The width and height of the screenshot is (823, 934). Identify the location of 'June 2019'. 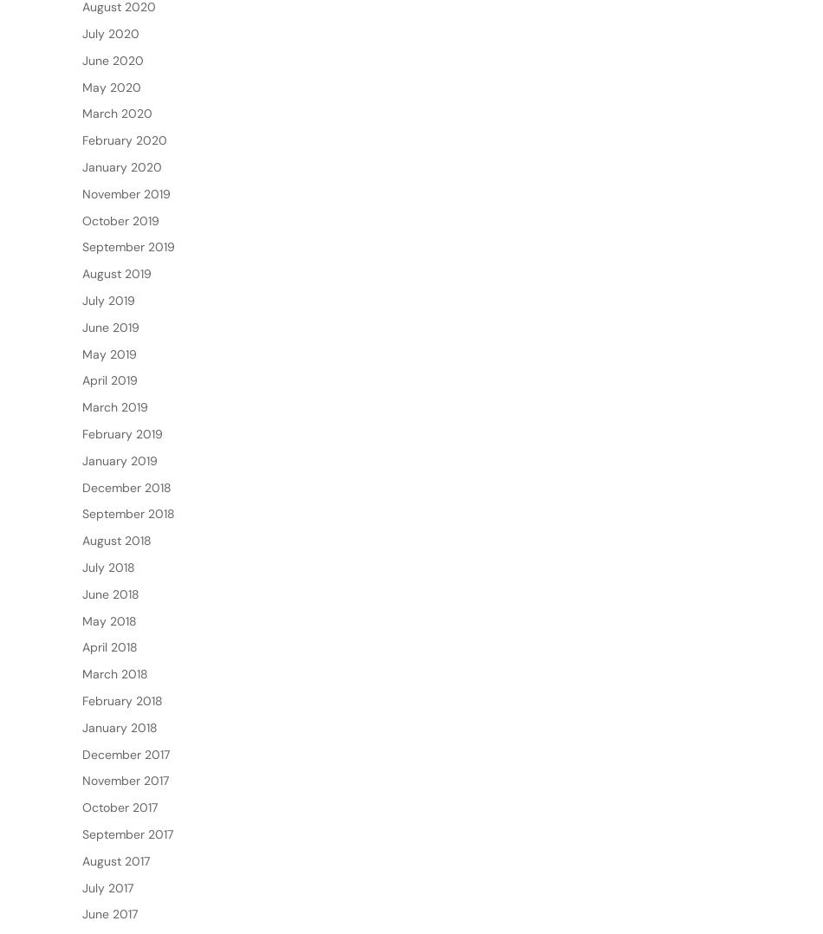
(82, 382).